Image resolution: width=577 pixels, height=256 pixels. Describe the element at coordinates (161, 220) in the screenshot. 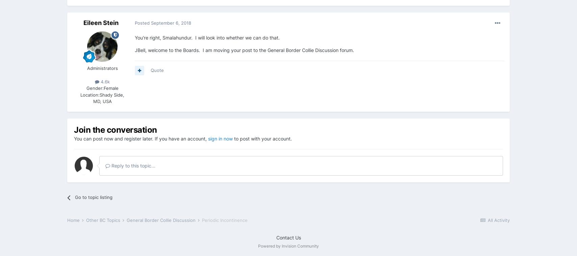

I see `'General Border Collie Discussion'` at that location.